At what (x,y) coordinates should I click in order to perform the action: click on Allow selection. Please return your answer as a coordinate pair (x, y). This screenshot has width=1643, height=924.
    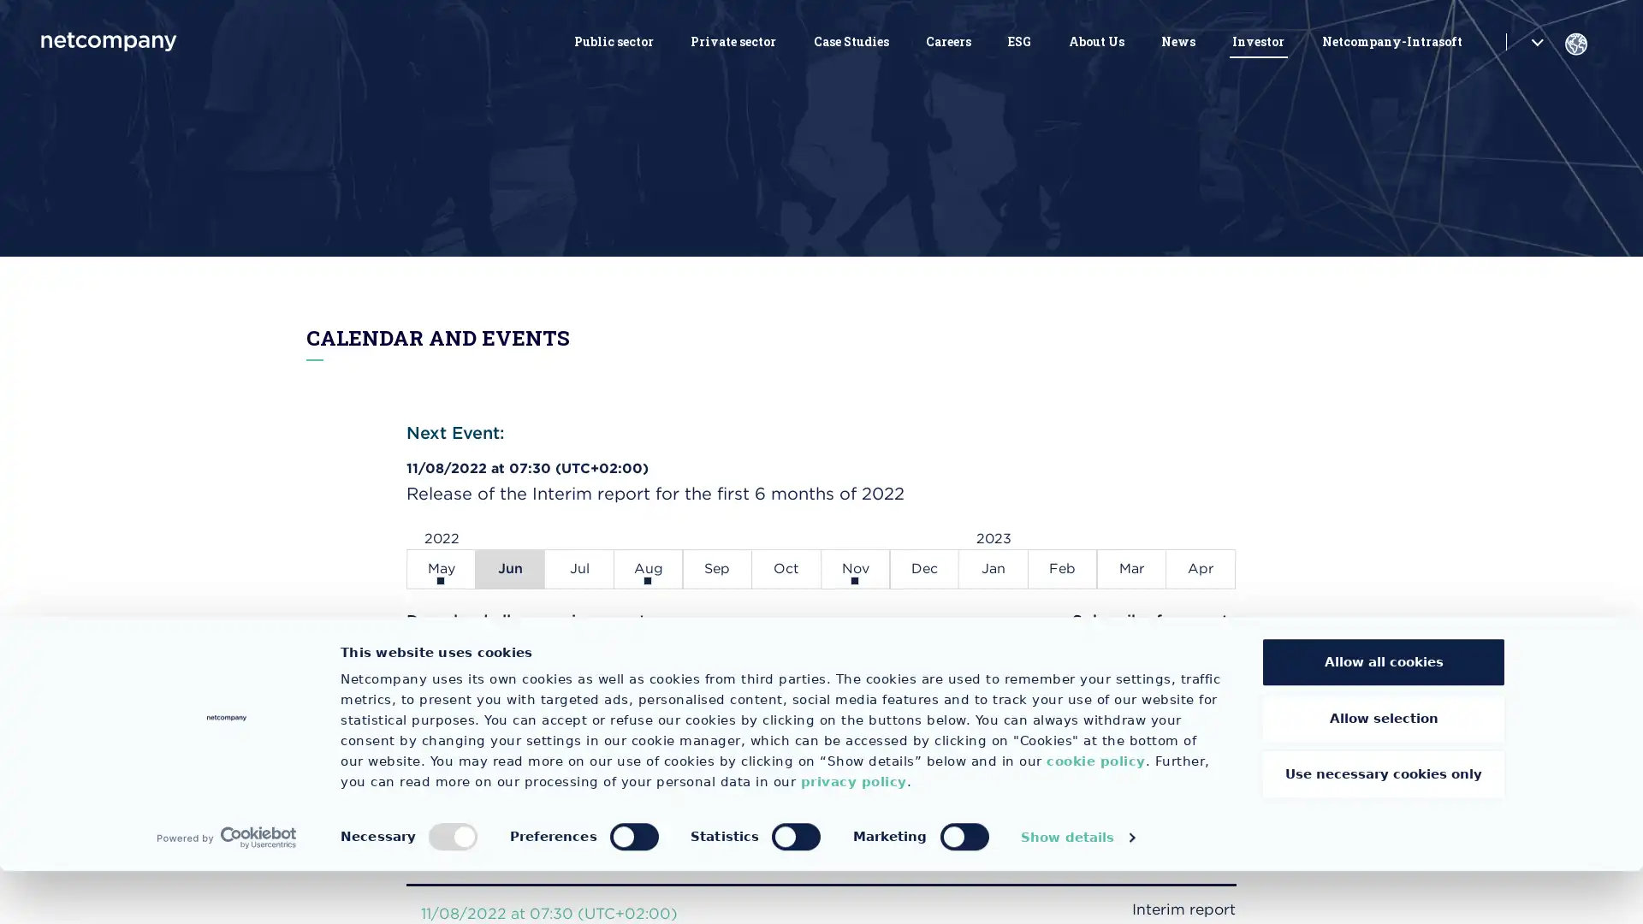
    Looking at the image, I should click on (1384, 771).